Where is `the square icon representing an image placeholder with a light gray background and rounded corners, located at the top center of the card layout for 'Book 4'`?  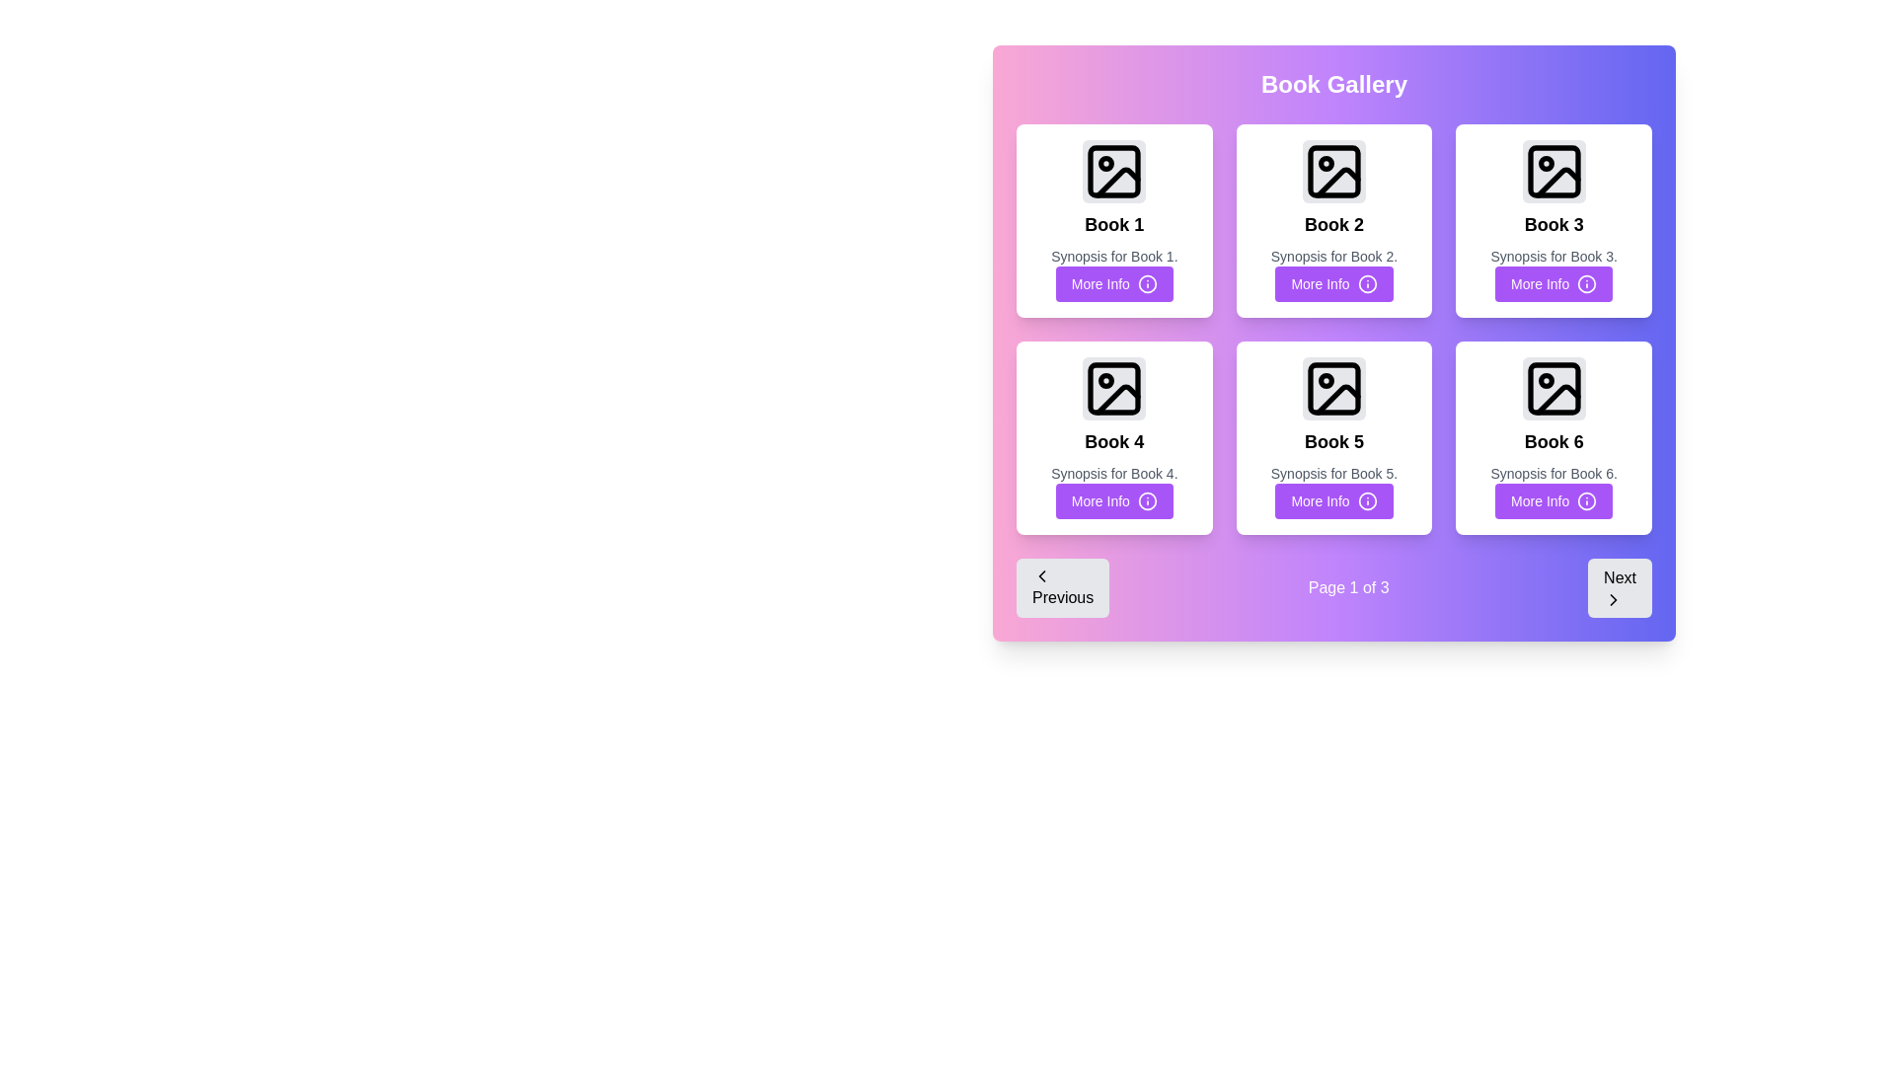 the square icon representing an image placeholder with a light gray background and rounded corners, located at the top center of the card layout for 'Book 4' is located at coordinates (1114, 388).